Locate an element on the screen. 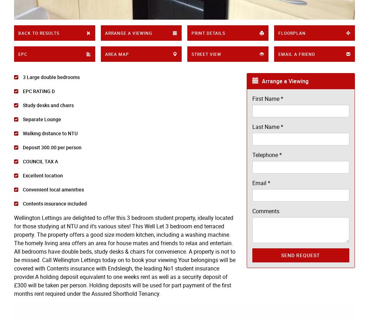  'Email' is located at coordinates (252, 183).